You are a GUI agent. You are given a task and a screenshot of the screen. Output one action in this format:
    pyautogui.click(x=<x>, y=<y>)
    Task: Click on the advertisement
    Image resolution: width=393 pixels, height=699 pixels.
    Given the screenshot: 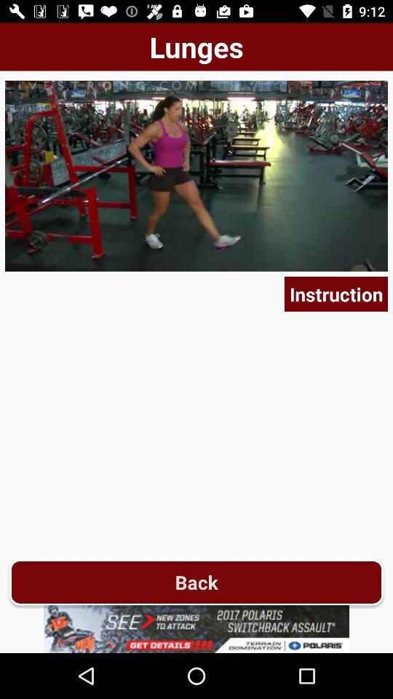 What is the action you would take?
    pyautogui.click(x=196, y=628)
    